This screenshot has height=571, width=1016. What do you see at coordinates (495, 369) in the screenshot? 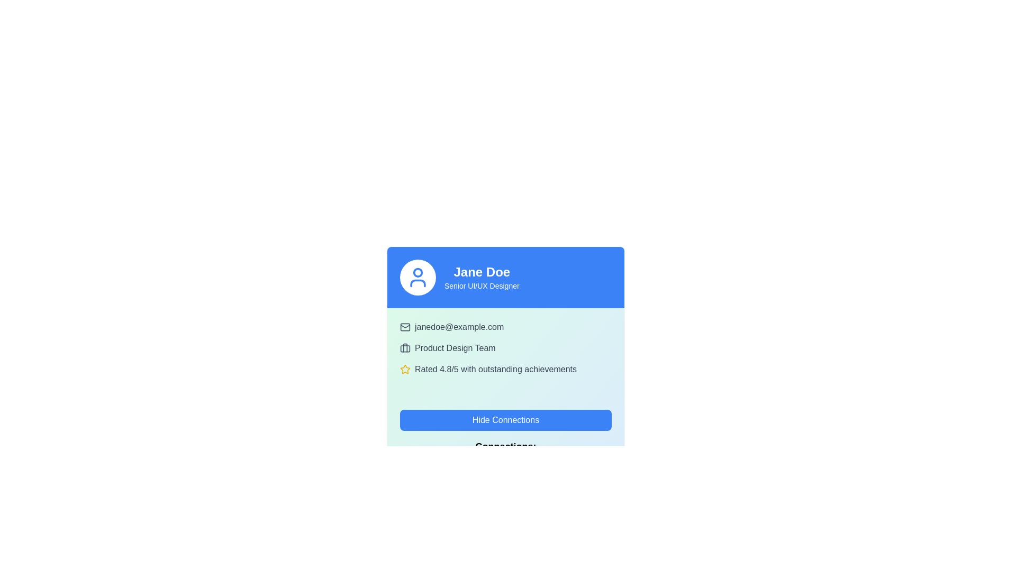
I see `text label that displays 'Rated 4.8/5 with outstanding achievements', which is styled in medium gray and located next to a yellow star icon, within the profile card layout` at bounding box center [495, 369].